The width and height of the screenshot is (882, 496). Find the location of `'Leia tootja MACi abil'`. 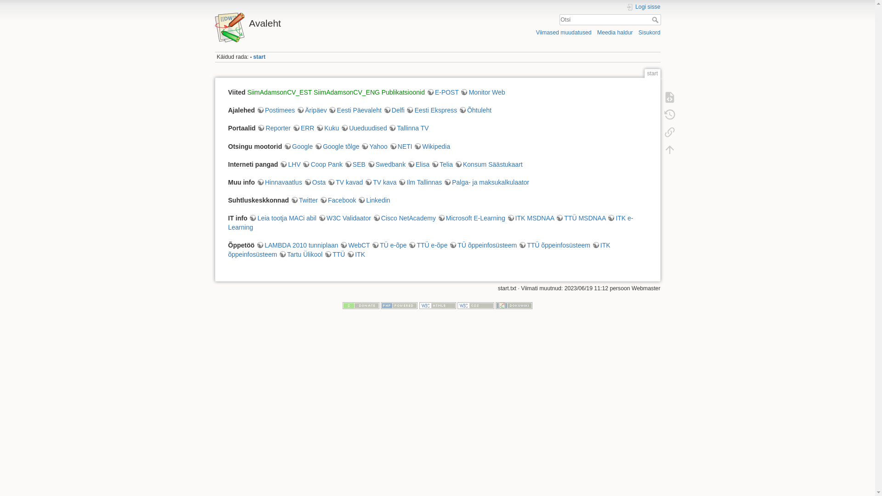

'Leia tootja MACi abil' is located at coordinates (249, 218).